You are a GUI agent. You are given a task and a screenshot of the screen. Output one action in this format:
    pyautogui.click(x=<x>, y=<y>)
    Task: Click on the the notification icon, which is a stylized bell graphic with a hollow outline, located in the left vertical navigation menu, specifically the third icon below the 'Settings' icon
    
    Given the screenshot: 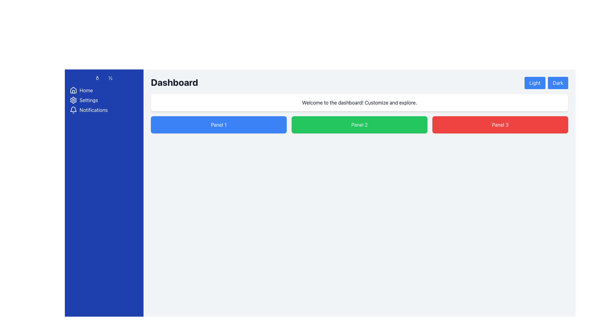 What is the action you would take?
    pyautogui.click(x=73, y=109)
    